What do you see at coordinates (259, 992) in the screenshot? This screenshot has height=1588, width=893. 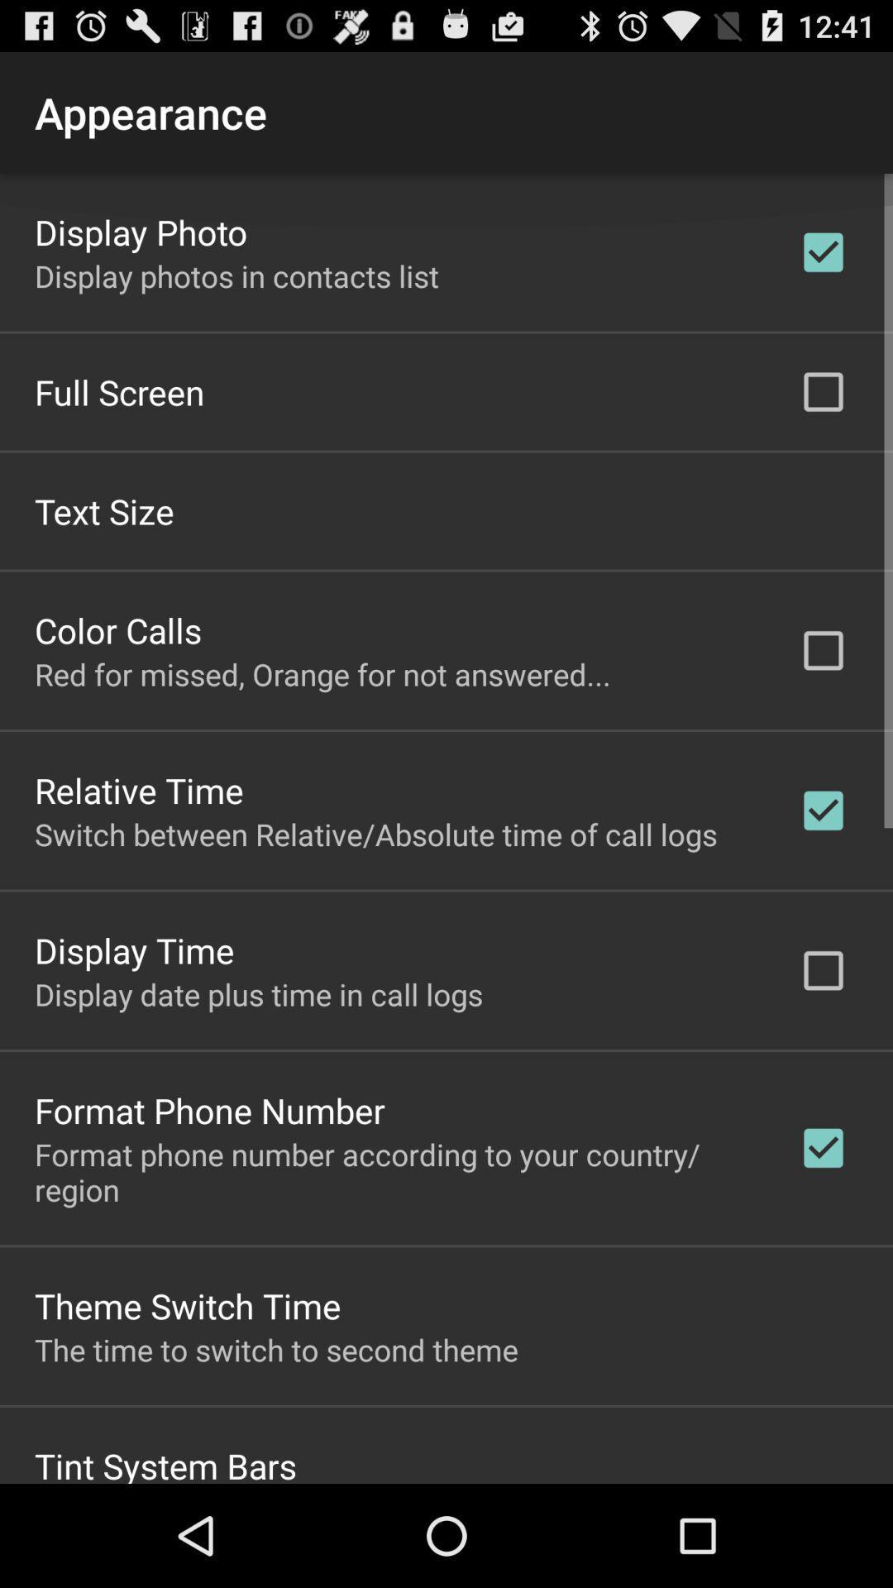 I see `the display date plus app` at bounding box center [259, 992].